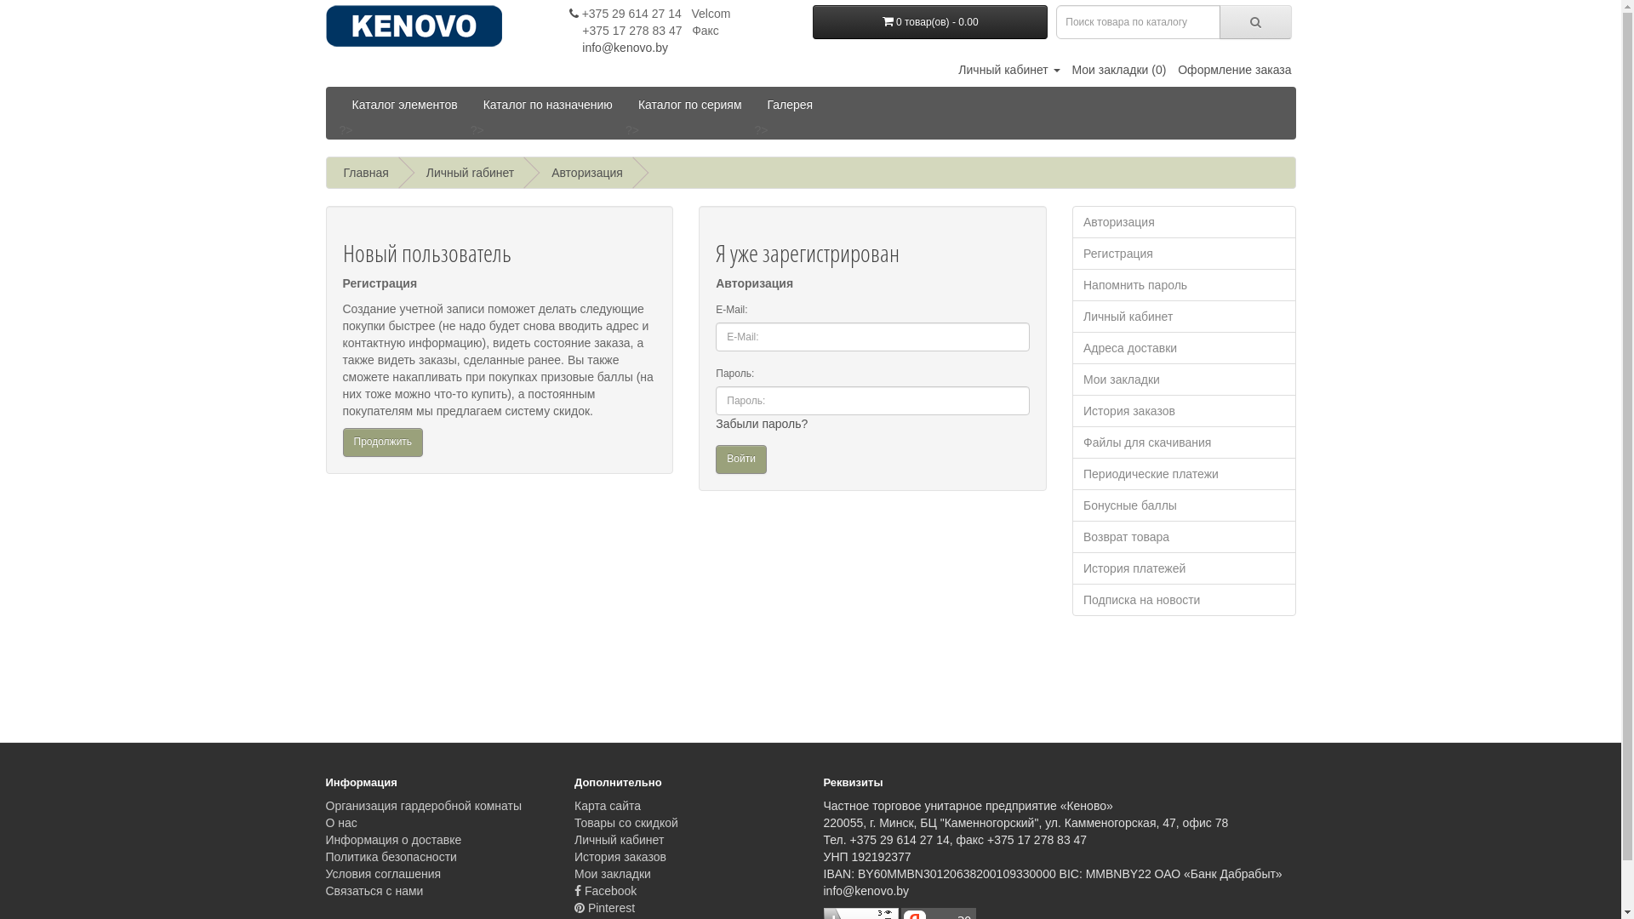  What do you see at coordinates (604, 907) in the screenshot?
I see `'Pinterest'` at bounding box center [604, 907].